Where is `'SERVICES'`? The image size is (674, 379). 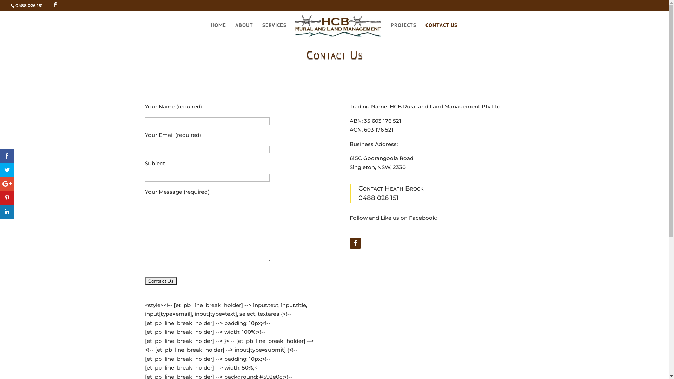
'SERVICES' is located at coordinates (274, 27).